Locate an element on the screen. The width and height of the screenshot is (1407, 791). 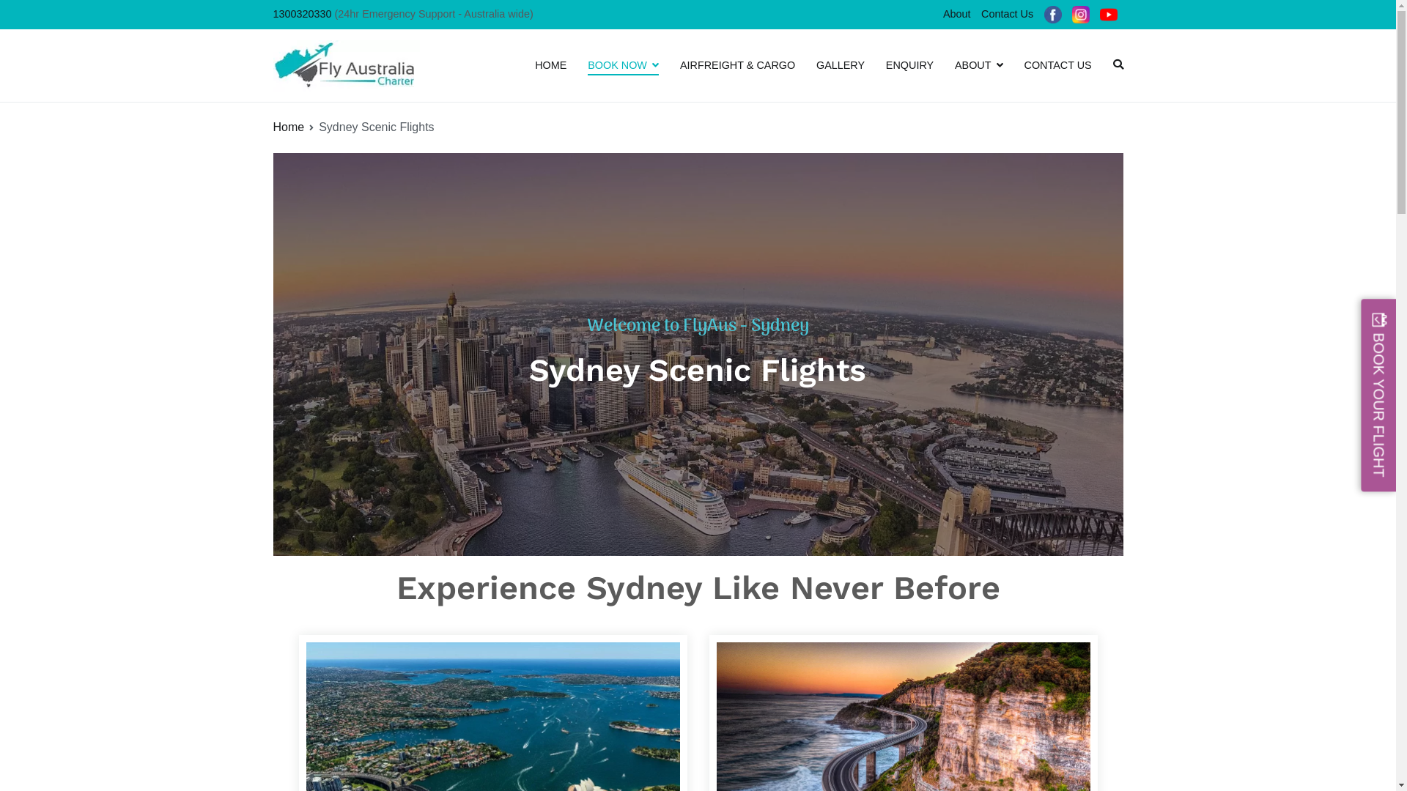
'BOOK NOW' is located at coordinates (623, 64).